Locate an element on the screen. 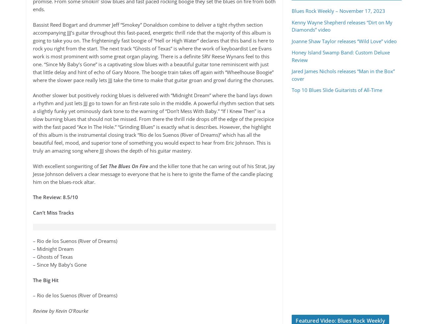  'Review by Kevin O’Rourke' is located at coordinates (60, 310).